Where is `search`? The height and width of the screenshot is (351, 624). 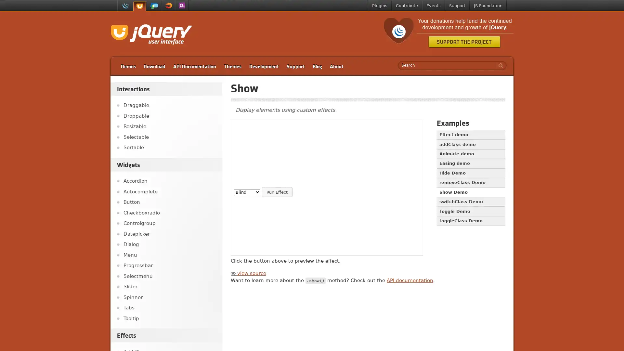 search is located at coordinates (499, 65).